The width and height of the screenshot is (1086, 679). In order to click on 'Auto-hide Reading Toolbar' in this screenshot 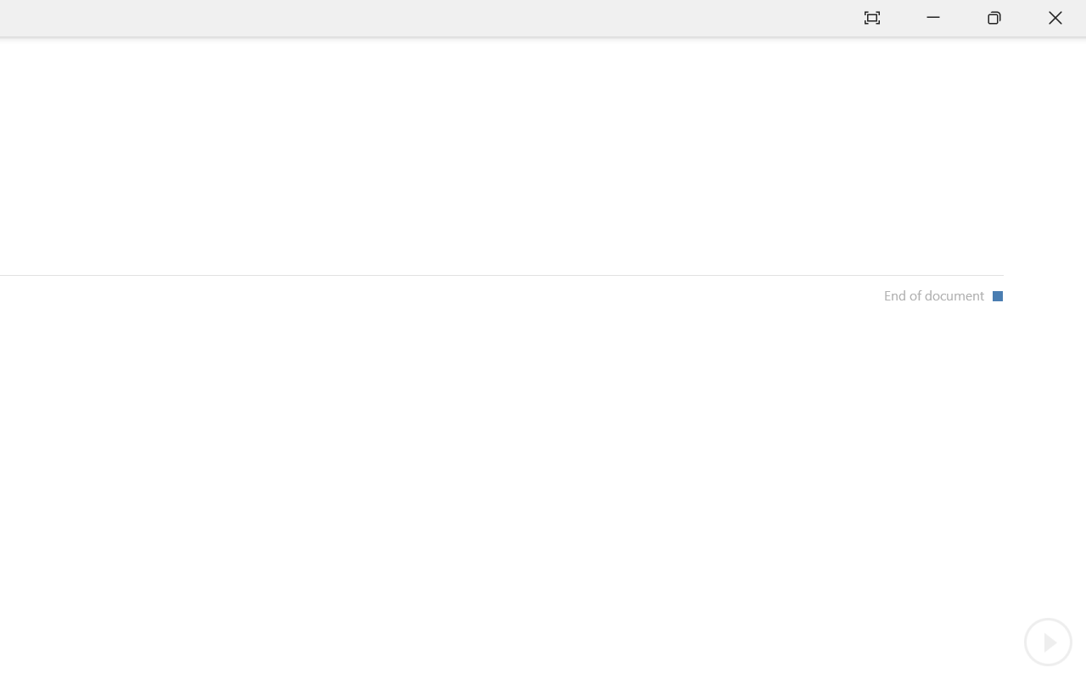, I will do `click(871, 18)`.